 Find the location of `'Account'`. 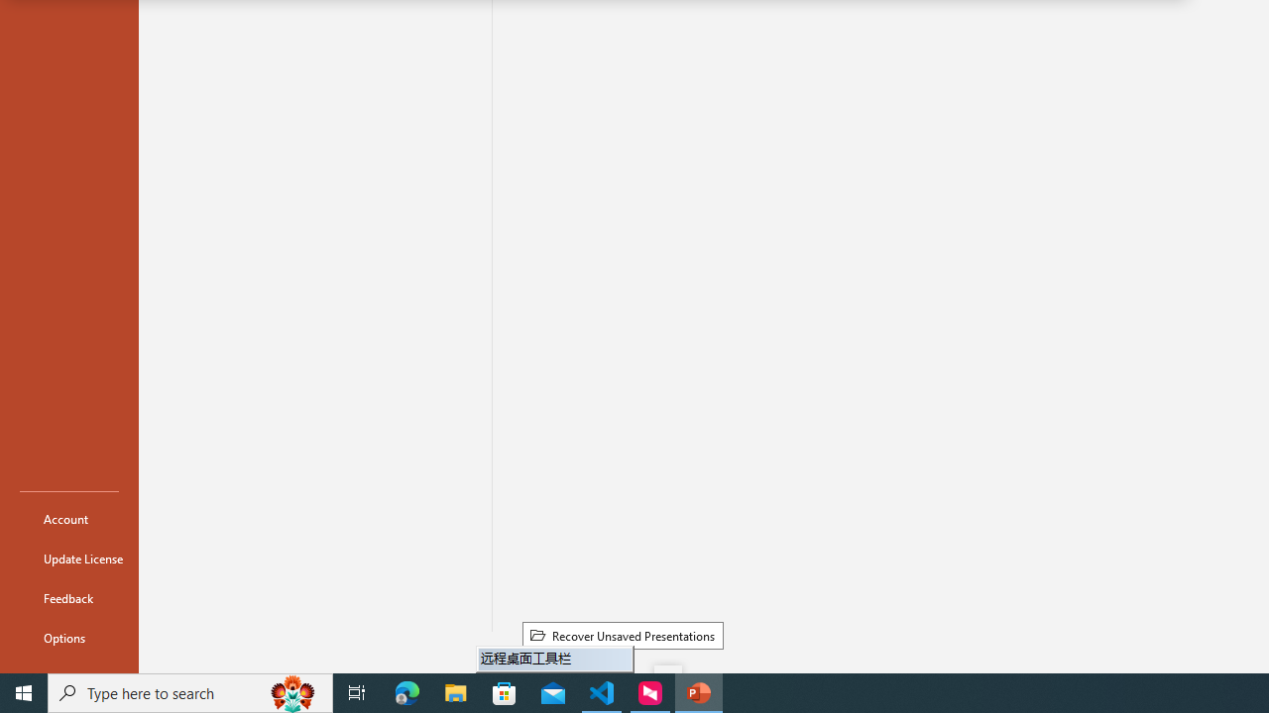

'Account' is located at coordinates (68, 518).